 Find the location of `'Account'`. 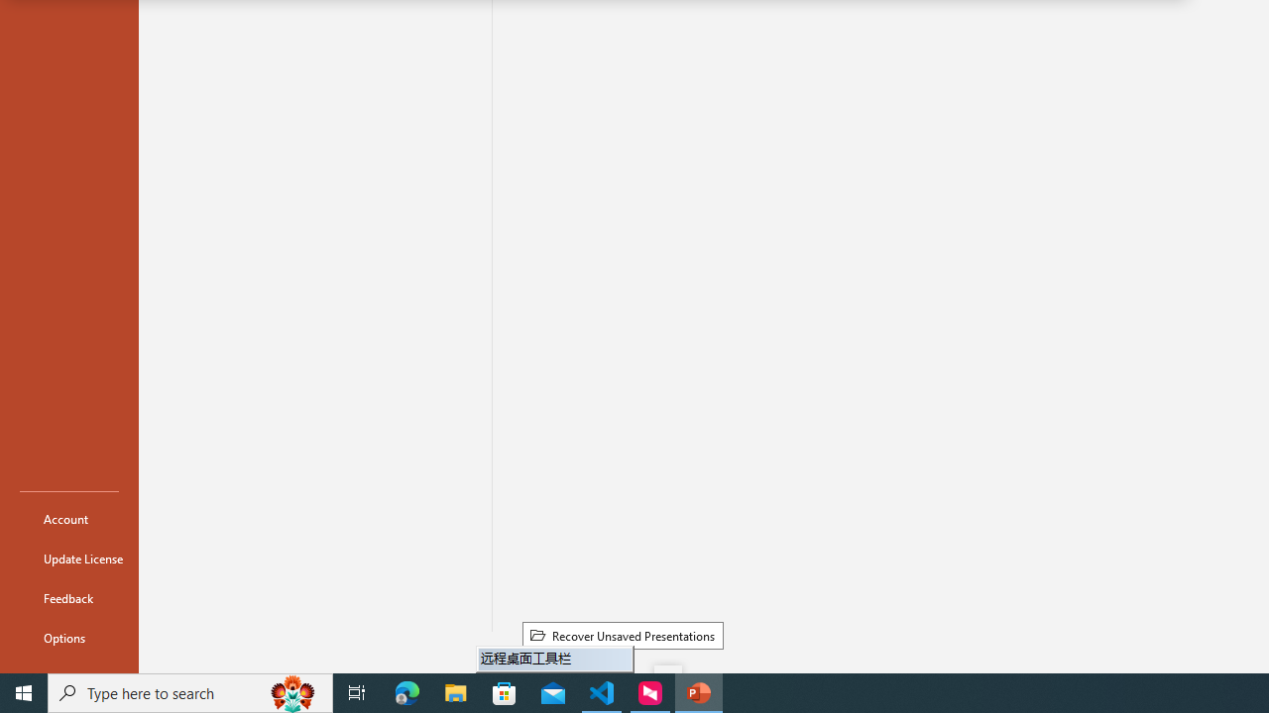

'Account' is located at coordinates (68, 518).